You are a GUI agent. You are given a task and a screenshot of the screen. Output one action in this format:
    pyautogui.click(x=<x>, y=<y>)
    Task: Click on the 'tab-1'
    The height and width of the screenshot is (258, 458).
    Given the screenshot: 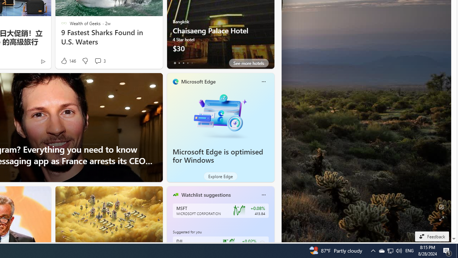 What is the action you would take?
    pyautogui.click(x=179, y=63)
    